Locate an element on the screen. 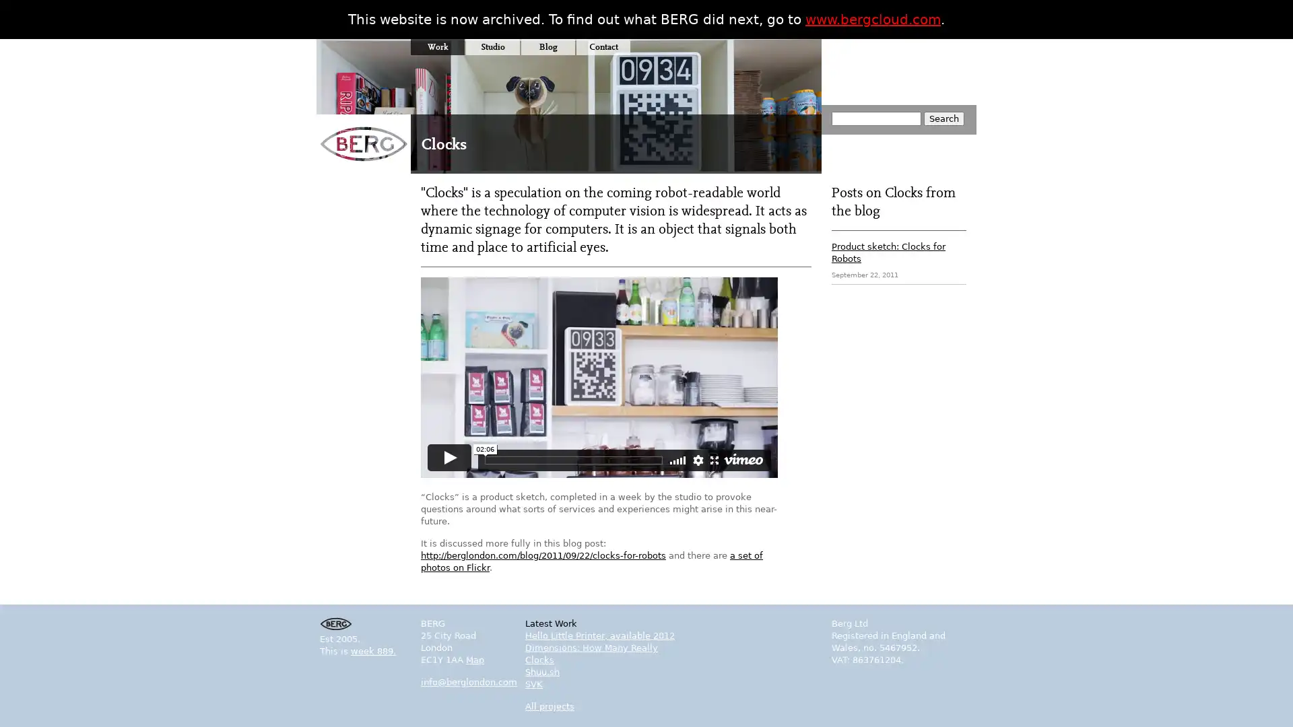 Image resolution: width=1293 pixels, height=727 pixels. Search is located at coordinates (943, 118).